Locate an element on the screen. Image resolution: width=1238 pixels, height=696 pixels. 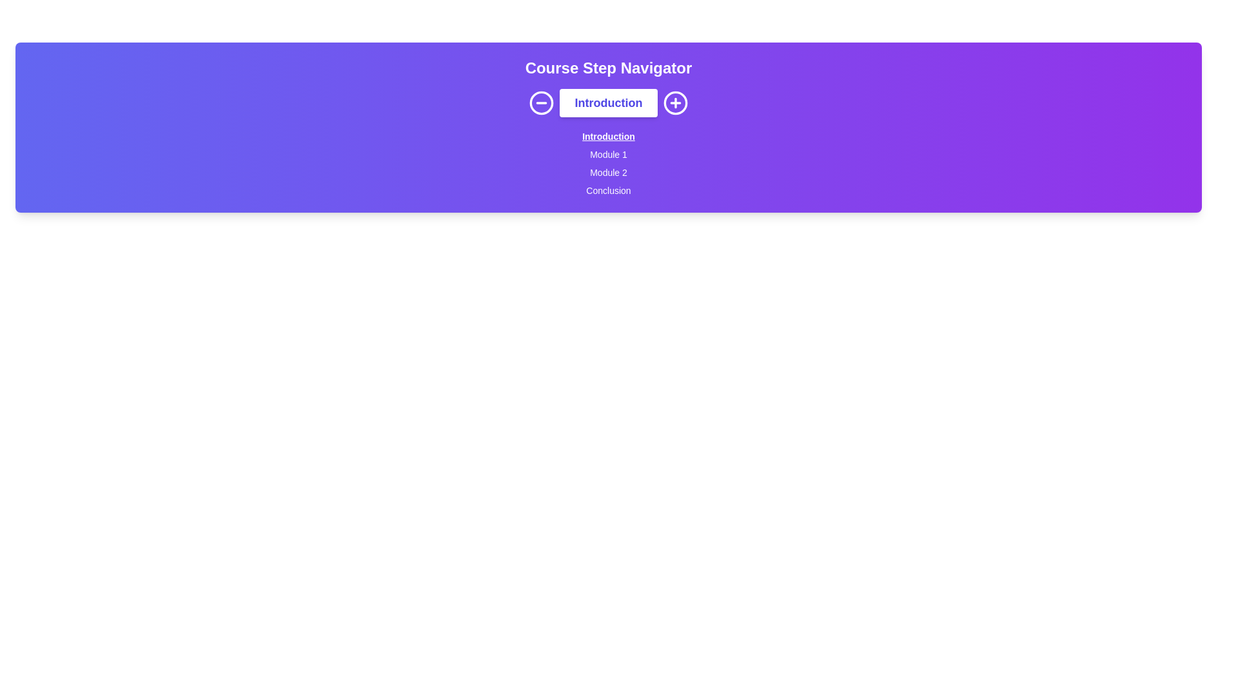
the text element displaying 'Module 2' in white on a purple background is located at coordinates (608, 169).